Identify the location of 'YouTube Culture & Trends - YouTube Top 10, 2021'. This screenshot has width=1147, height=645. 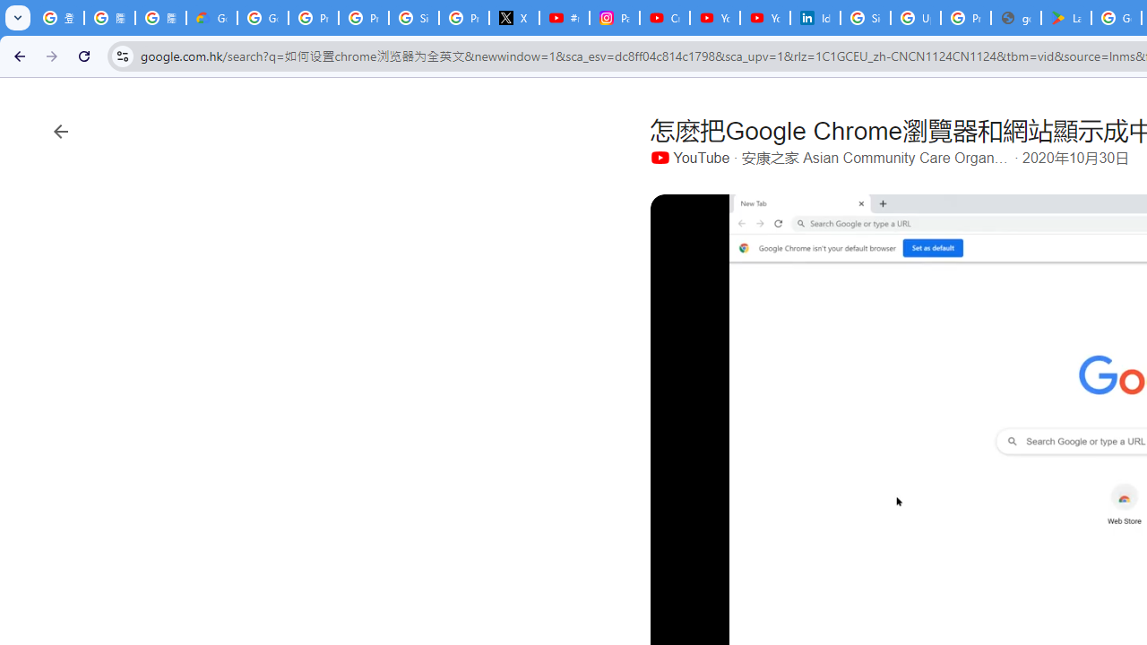
(764, 18).